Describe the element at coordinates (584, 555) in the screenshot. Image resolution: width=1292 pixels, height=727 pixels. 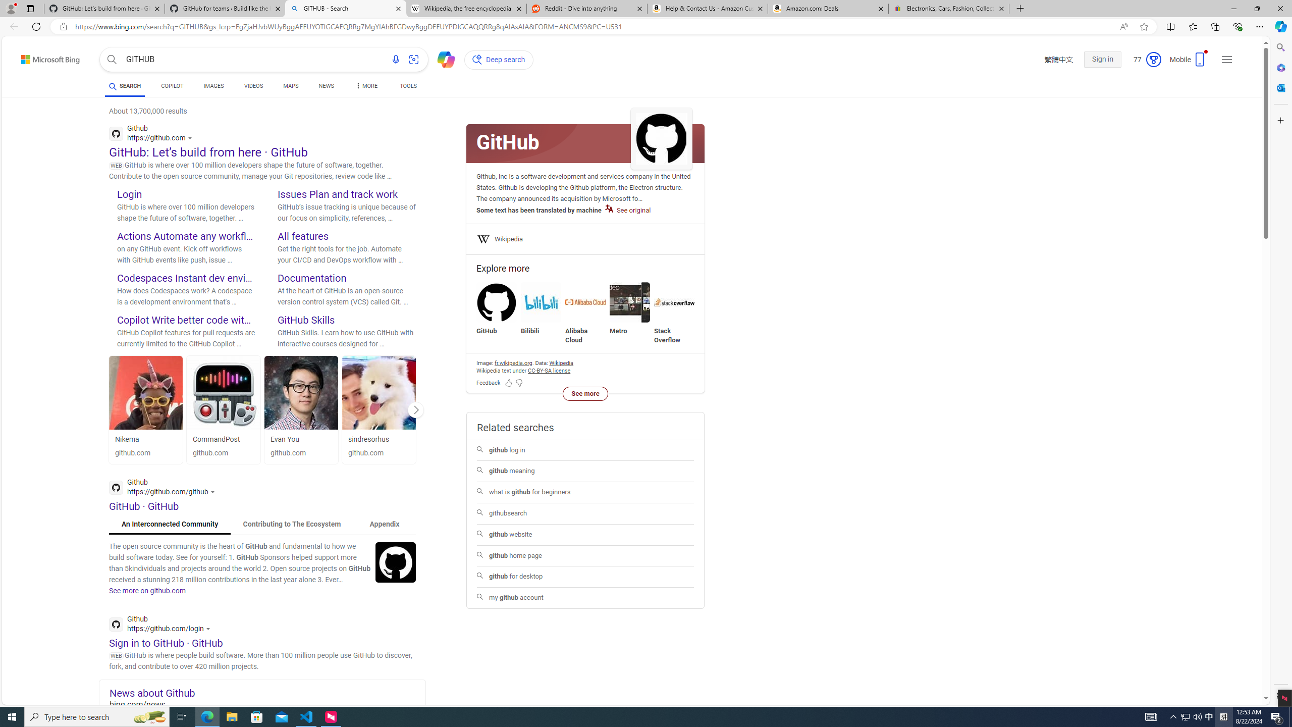
I see `'github home page'` at that location.